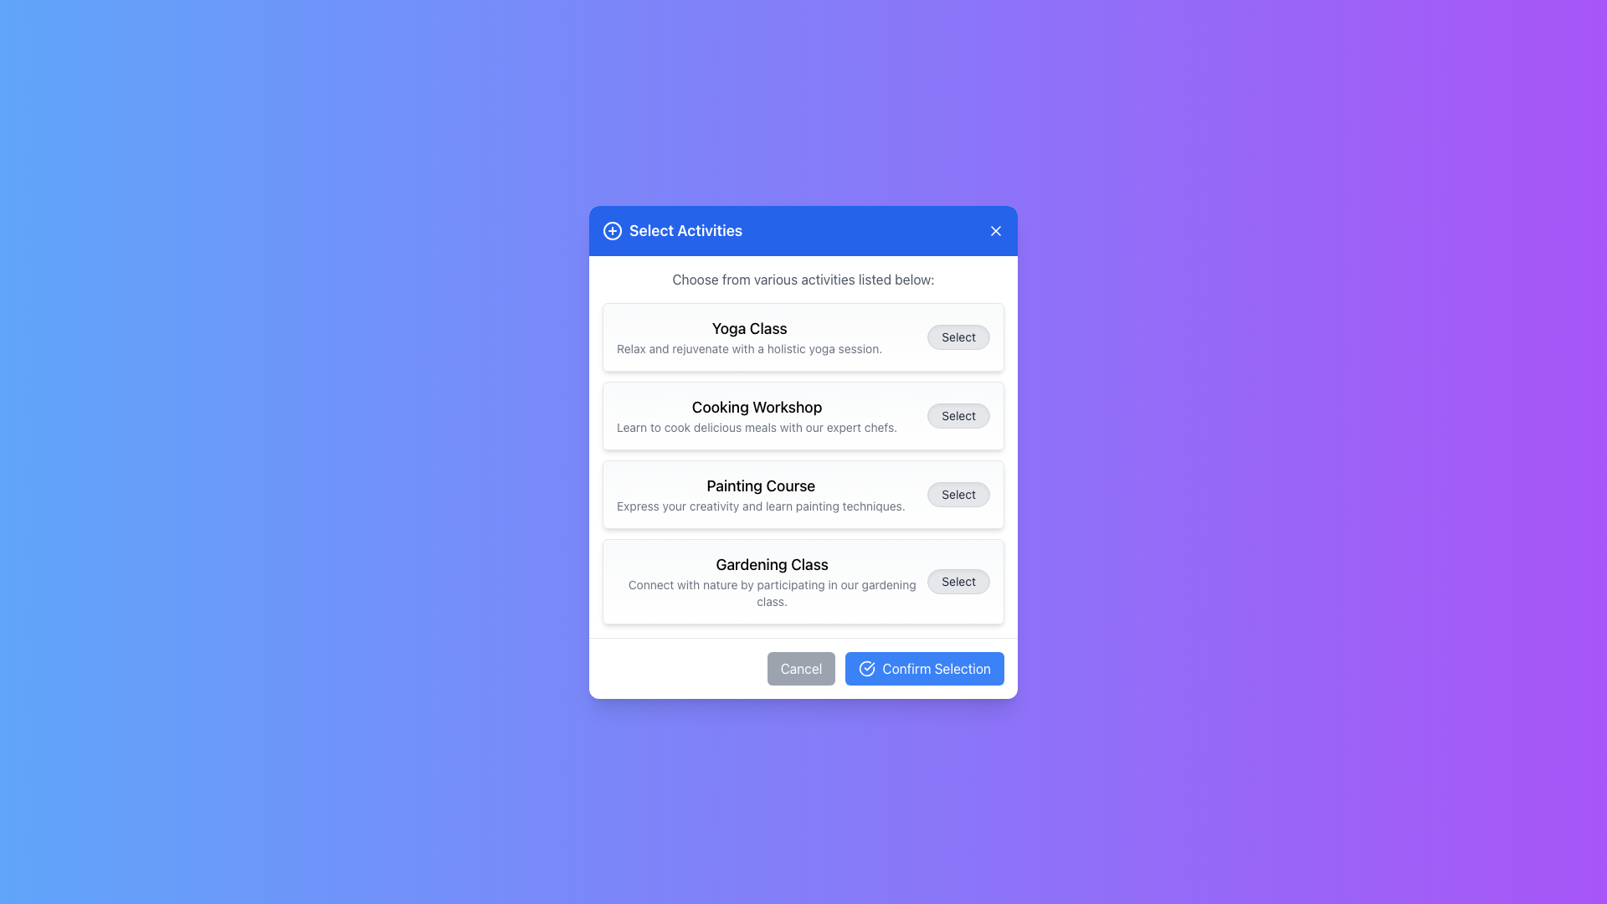 Image resolution: width=1607 pixels, height=904 pixels. Describe the element at coordinates (803, 229) in the screenshot. I see `the title bar of the modal dialog labeled 'Select Activities'` at that location.